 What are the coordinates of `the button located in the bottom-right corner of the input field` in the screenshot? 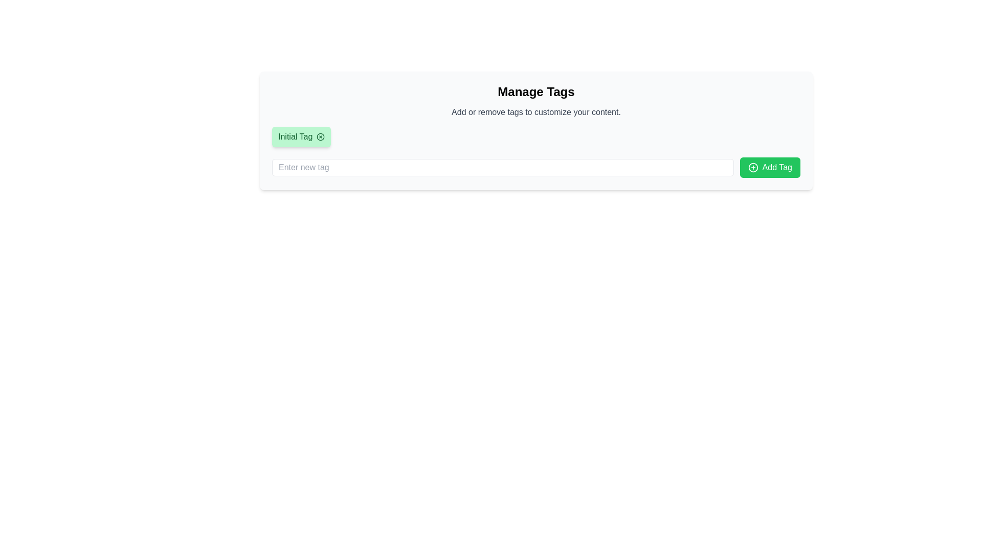 It's located at (770, 167).